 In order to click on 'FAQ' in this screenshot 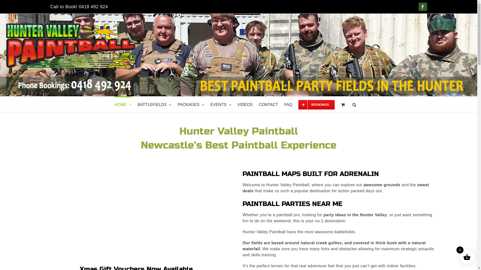, I will do `click(288, 104)`.